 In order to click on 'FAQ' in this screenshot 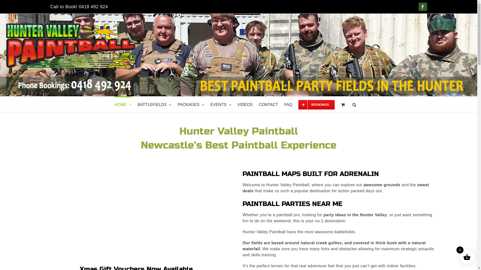, I will do `click(288, 104)`.